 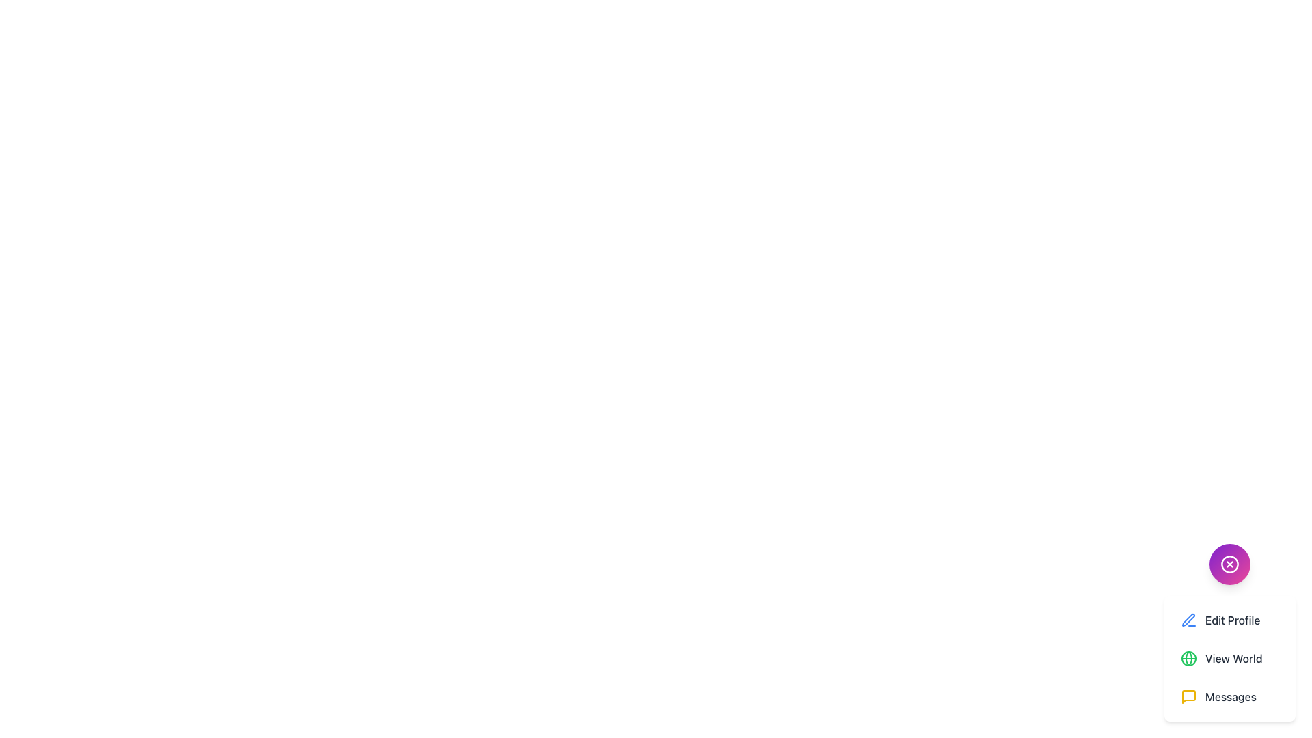 I want to click on the 'View World' button, which is the second item in the vertical list located below 'Edit Profile' and above 'Messages', so click(x=1230, y=658).